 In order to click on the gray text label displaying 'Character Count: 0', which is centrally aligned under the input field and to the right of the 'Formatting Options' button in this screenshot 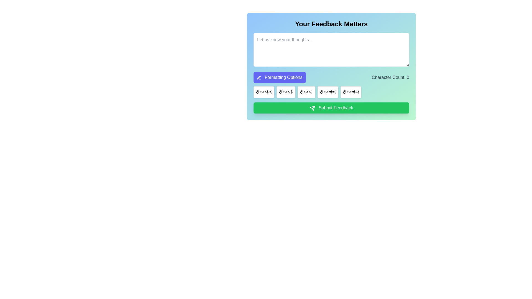, I will do `click(390, 78)`.